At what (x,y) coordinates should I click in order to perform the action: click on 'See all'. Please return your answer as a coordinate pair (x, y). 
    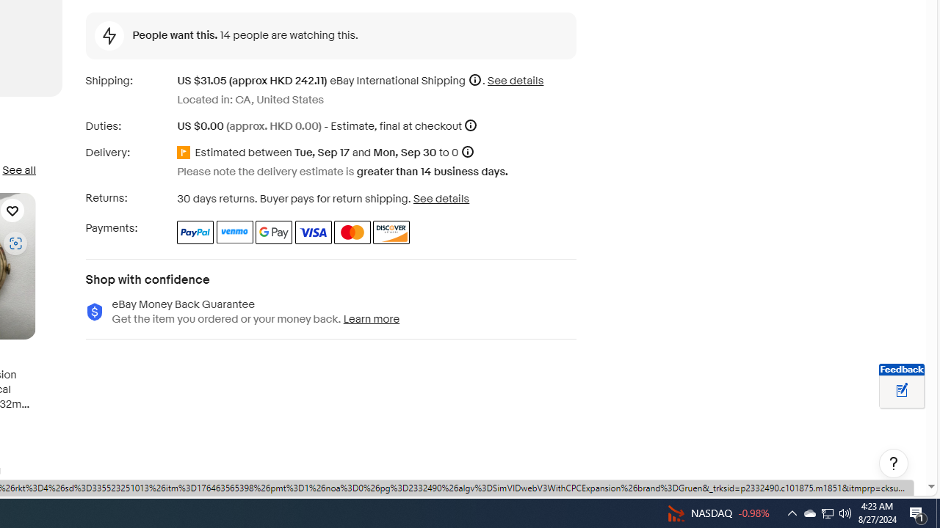
    Looking at the image, I should click on (18, 169).